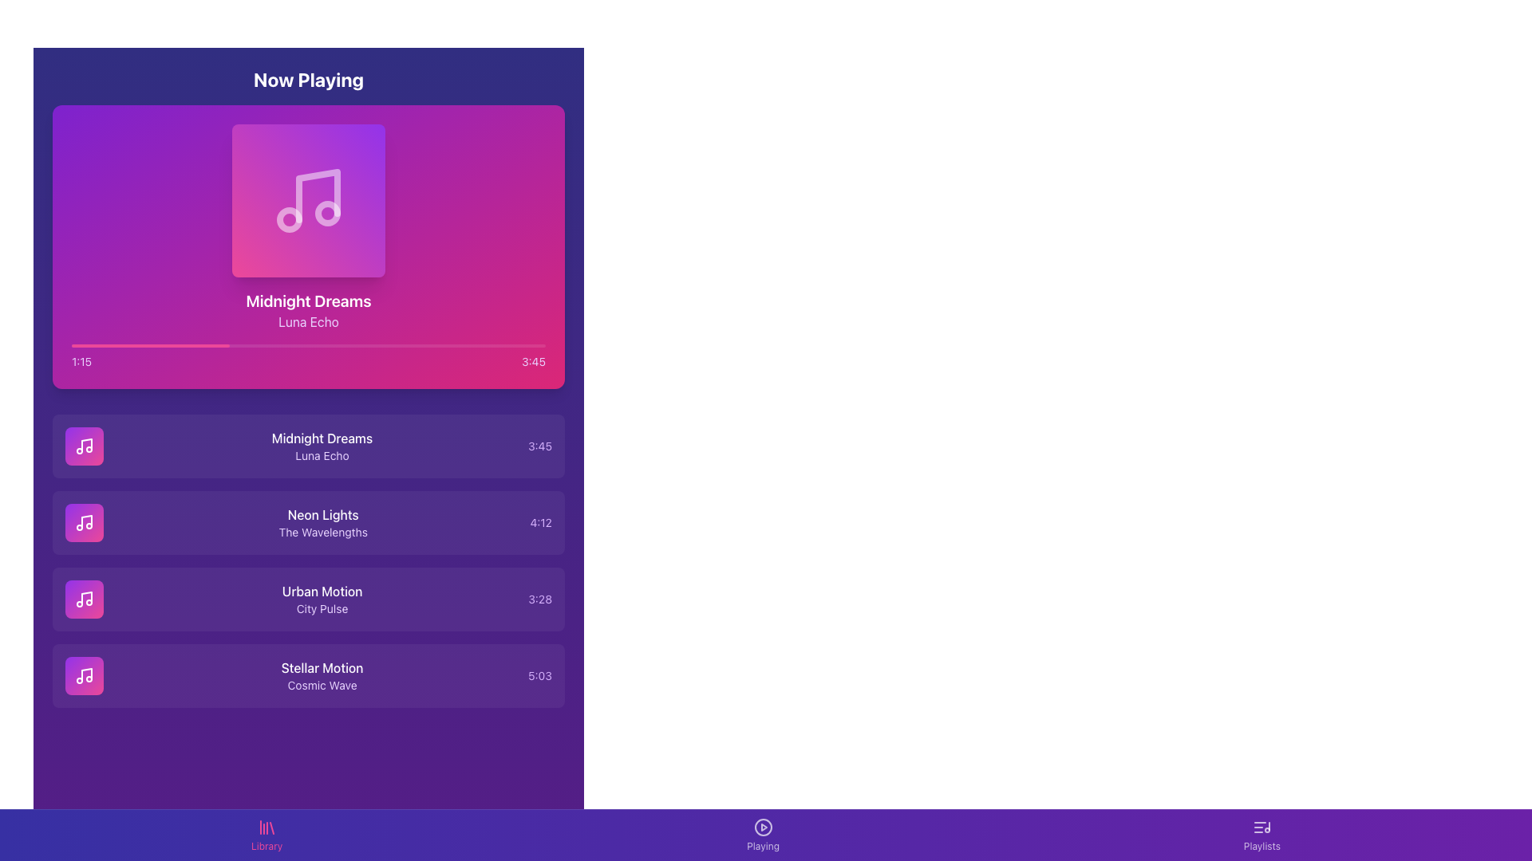  What do you see at coordinates (336, 345) in the screenshot?
I see `the playback progress` at bounding box center [336, 345].